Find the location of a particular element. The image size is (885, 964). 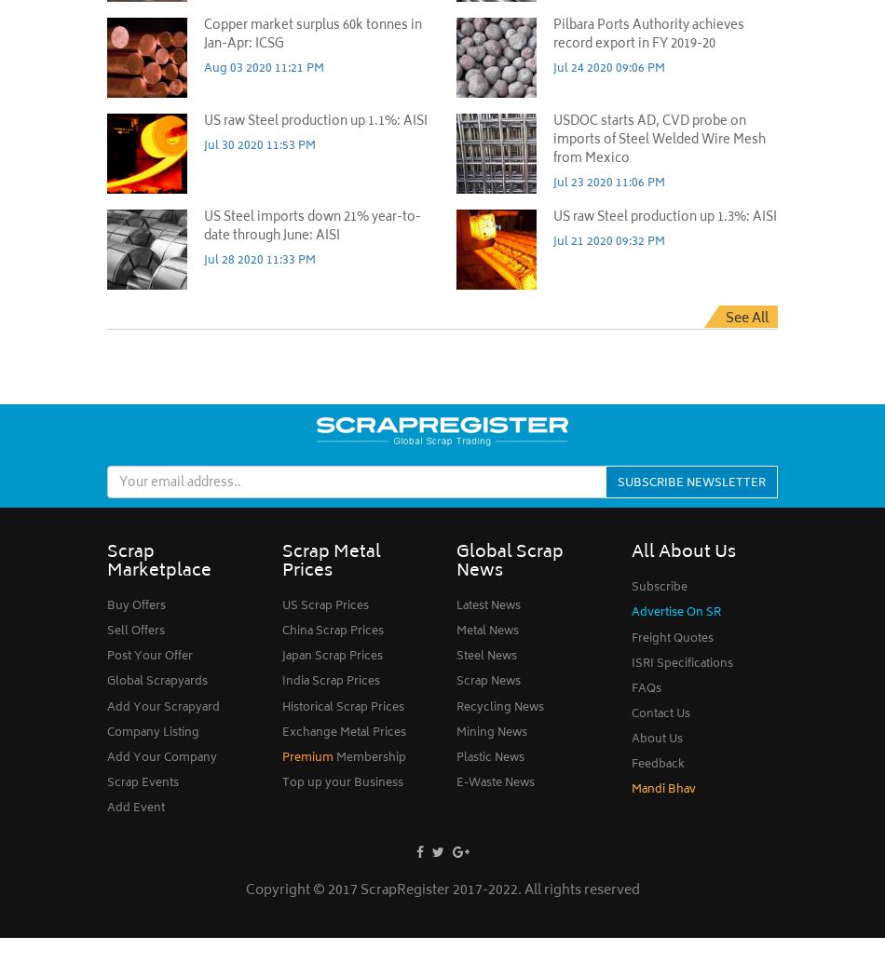

'Global Scrap News' is located at coordinates (510, 562).